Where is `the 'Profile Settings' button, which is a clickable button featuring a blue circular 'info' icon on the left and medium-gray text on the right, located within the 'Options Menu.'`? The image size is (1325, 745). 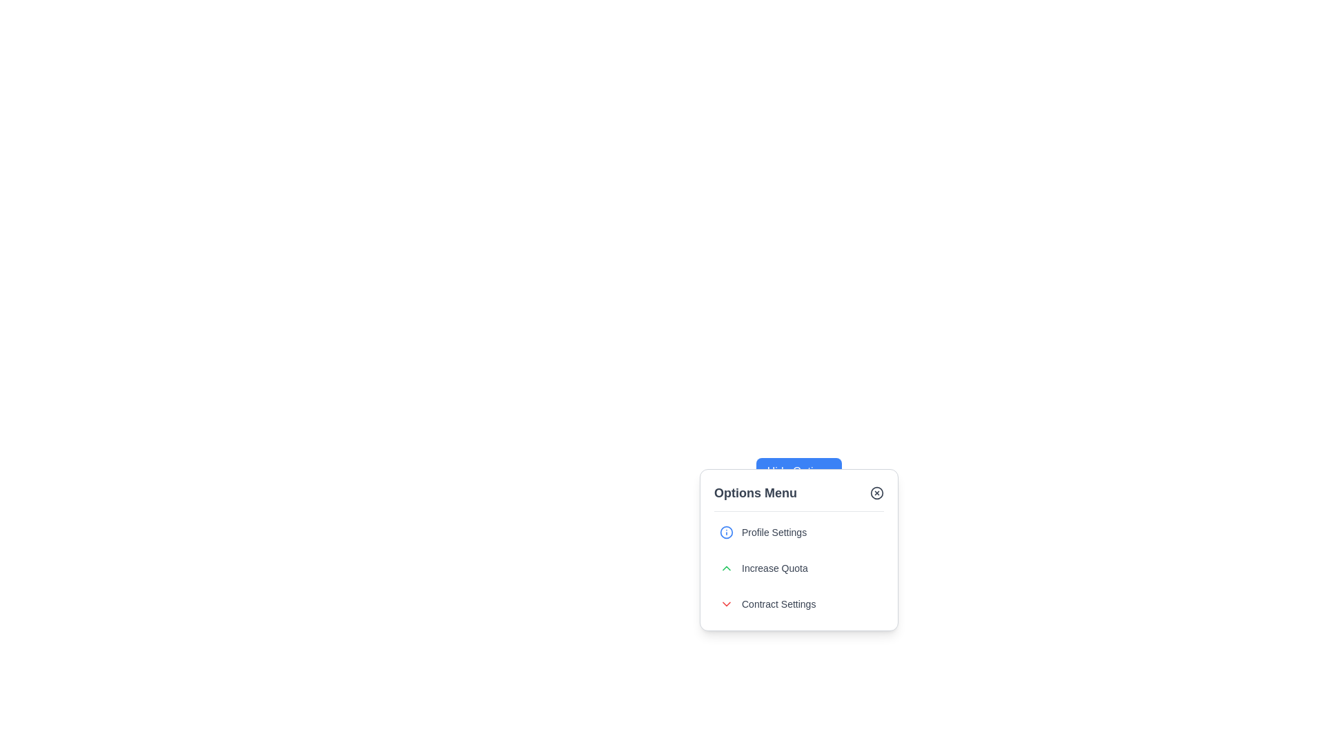
the 'Profile Settings' button, which is a clickable button featuring a blue circular 'info' icon on the left and medium-gray text on the right, located within the 'Options Menu.' is located at coordinates (798, 531).